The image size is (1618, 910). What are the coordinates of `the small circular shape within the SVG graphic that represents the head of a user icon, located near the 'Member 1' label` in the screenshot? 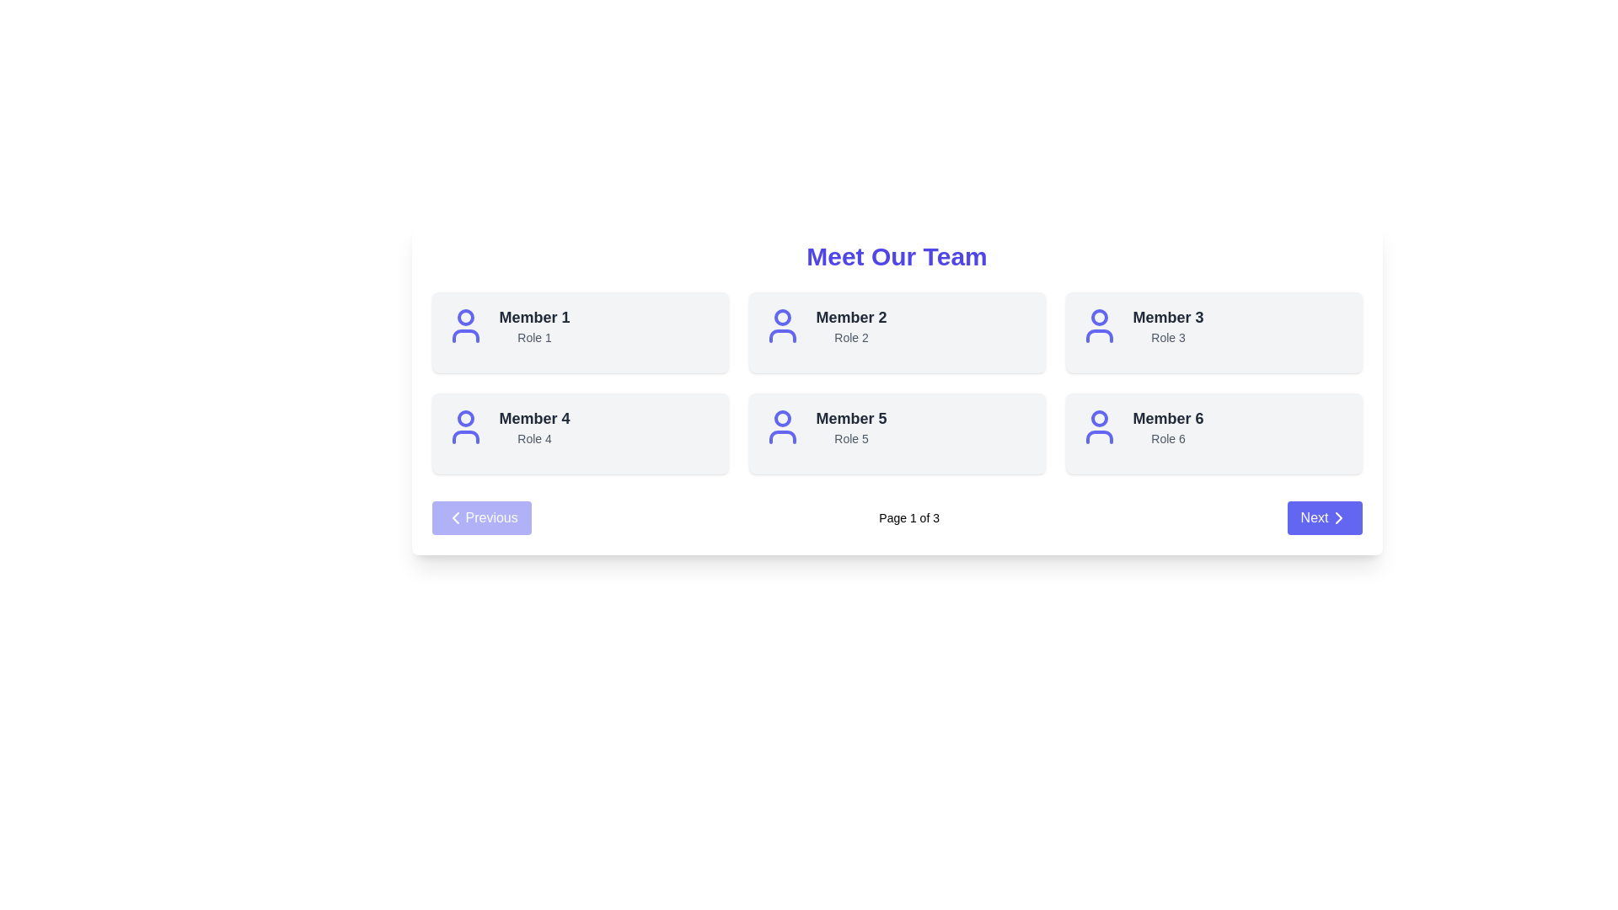 It's located at (465, 318).